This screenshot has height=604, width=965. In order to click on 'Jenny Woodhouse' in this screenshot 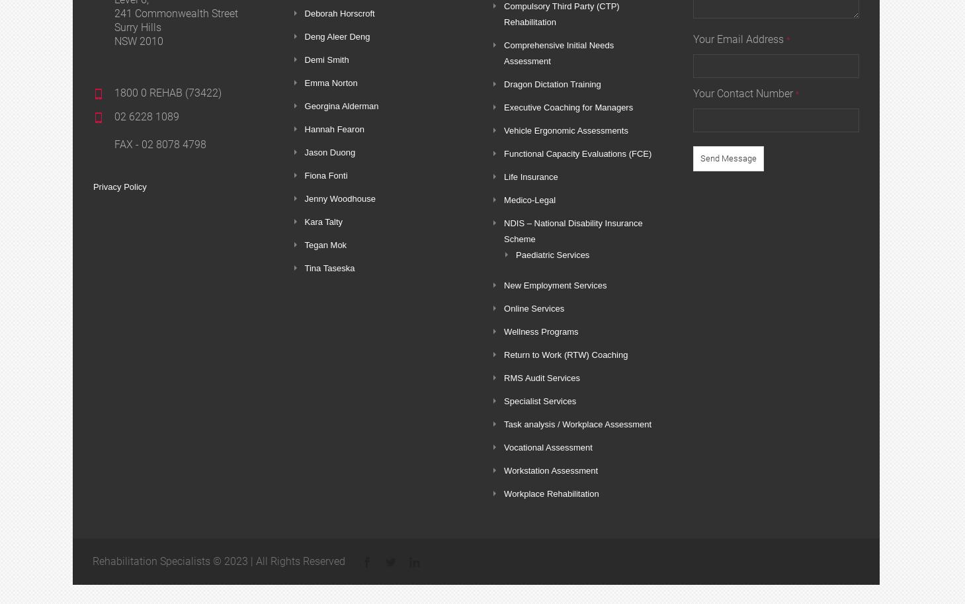, I will do `click(339, 198)`.